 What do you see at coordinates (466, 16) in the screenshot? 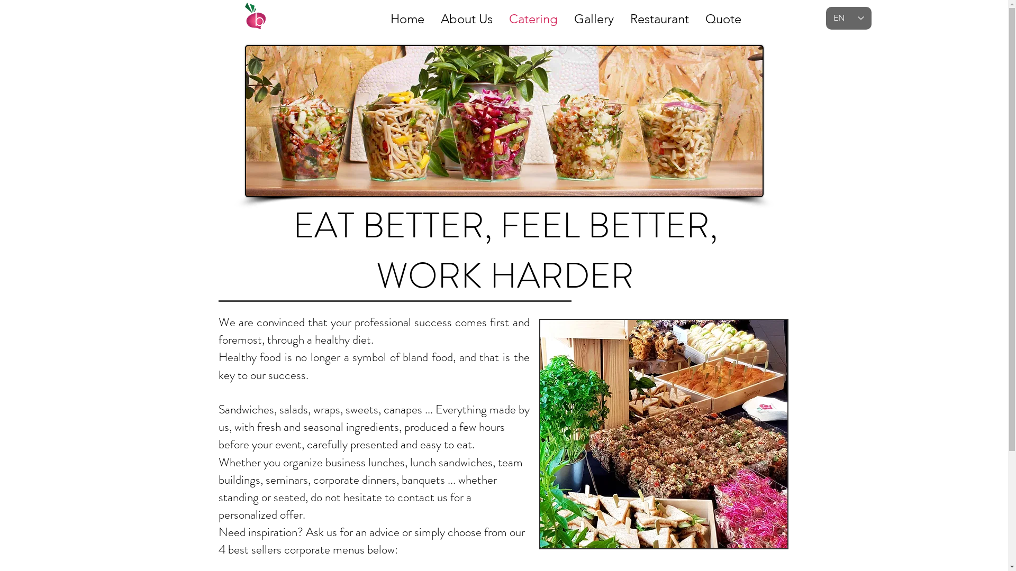
I see `'About Us'` at bounding box center [466, 16].